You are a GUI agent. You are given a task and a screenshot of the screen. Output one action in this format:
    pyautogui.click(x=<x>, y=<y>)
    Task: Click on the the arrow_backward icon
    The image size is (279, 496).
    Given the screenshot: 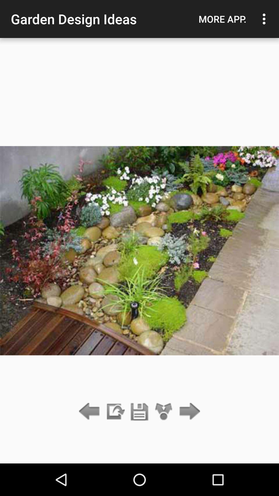 What is the action you would take?
    pyautogui.click(x=90, y=412)
    